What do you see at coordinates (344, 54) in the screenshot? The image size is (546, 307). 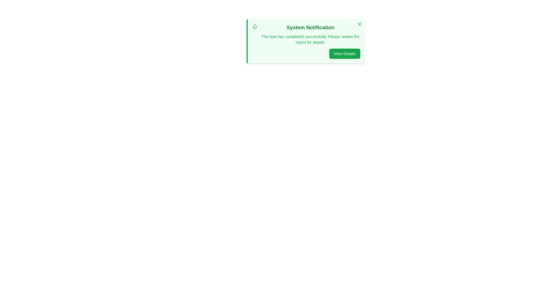 I see `'View Details' button to view additional information` at bounding box center [344, 54].